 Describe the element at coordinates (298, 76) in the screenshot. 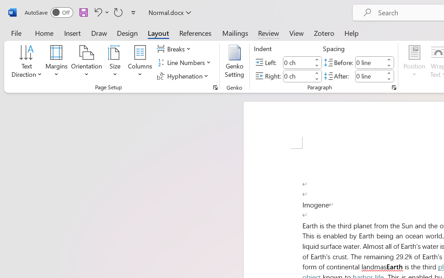

I see `'Indent Right'` at that location.